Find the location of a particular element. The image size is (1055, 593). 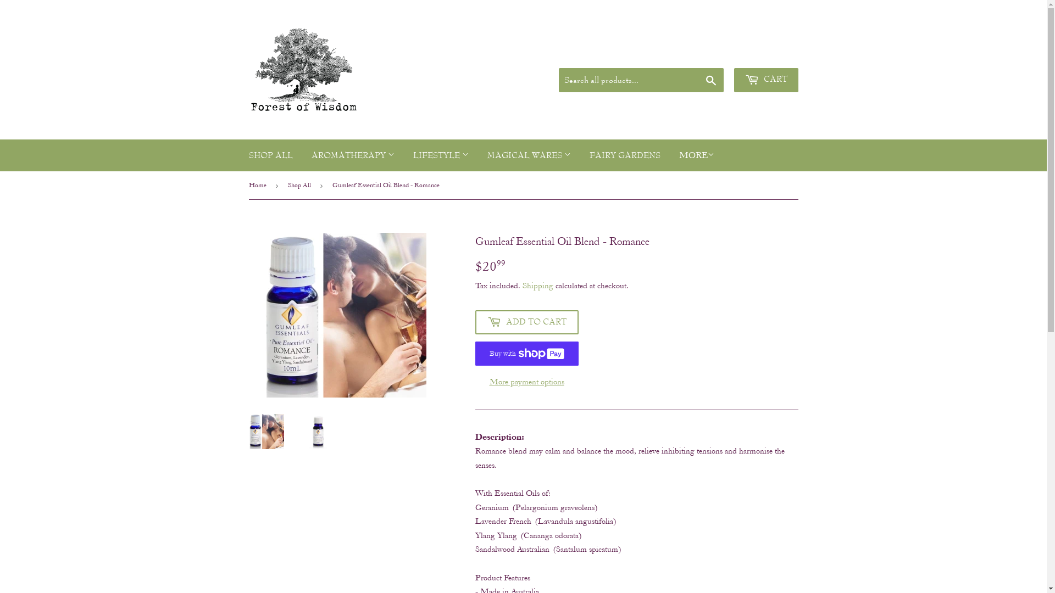

'Sign in' is located at coordinates (695, 53).